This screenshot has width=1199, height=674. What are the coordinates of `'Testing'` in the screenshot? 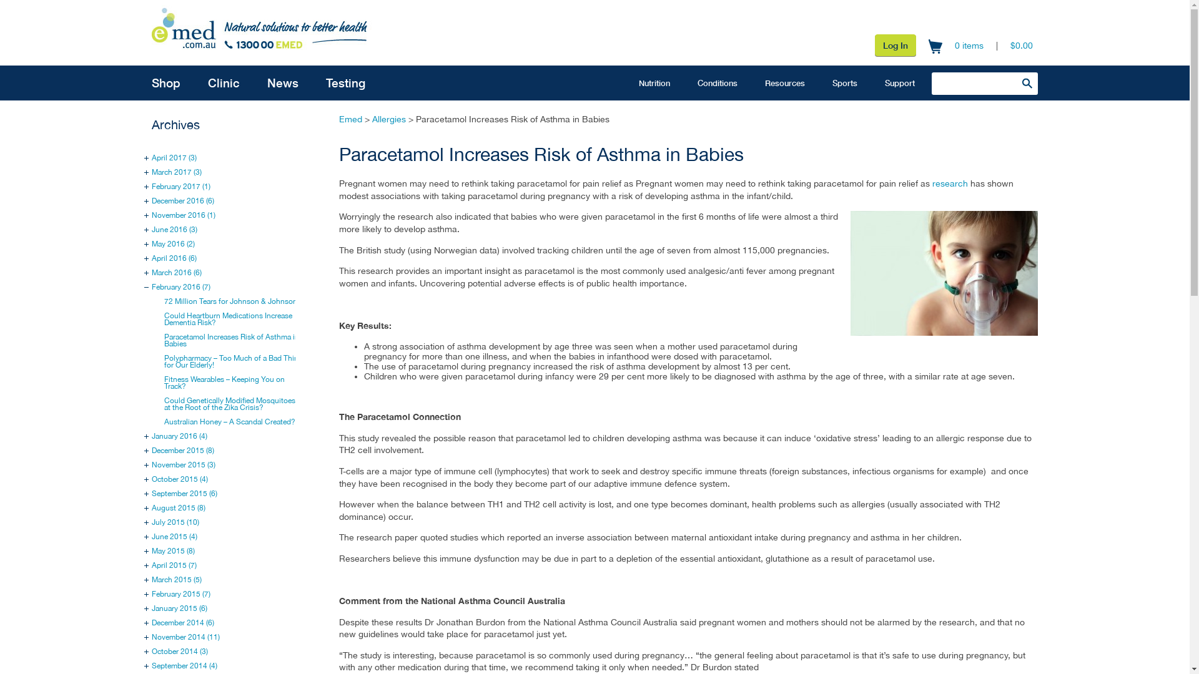 It's located at (345, 82).